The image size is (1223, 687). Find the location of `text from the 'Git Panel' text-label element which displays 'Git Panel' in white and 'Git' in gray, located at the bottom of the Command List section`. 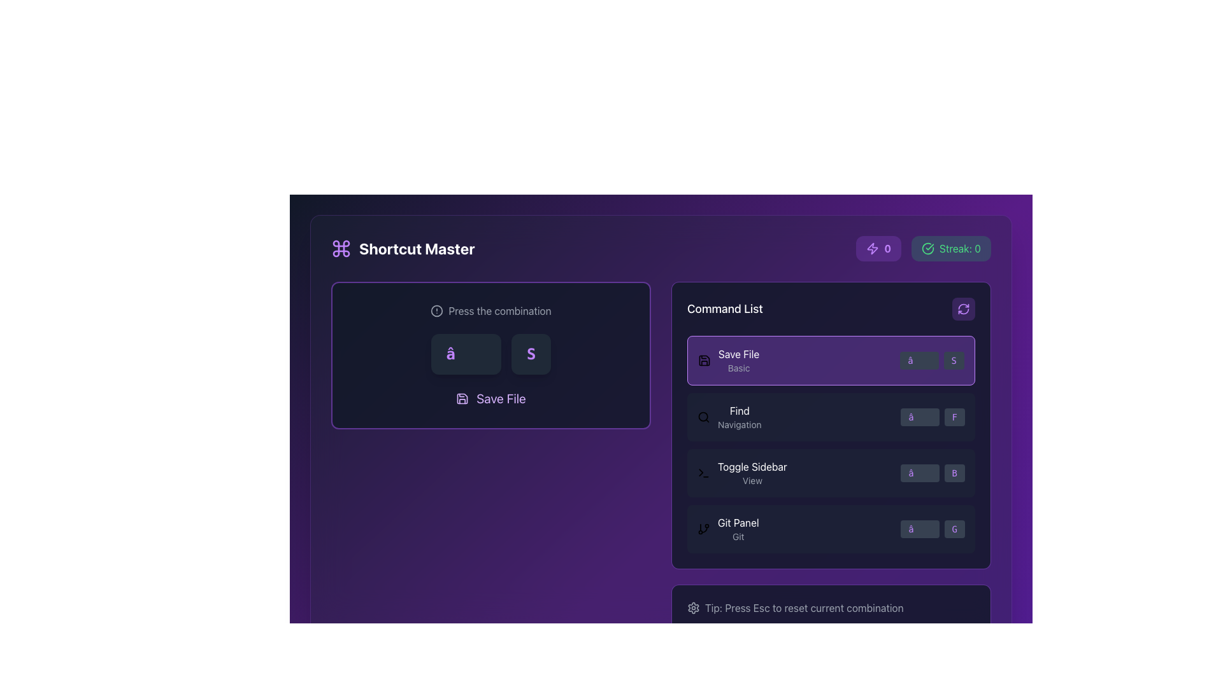

text from the 'Git Panel' text-label element which displays 'Git Panel' in white and 'Git' in gray, located at the bottom of the Command List section is located at coordinates (738, 529).